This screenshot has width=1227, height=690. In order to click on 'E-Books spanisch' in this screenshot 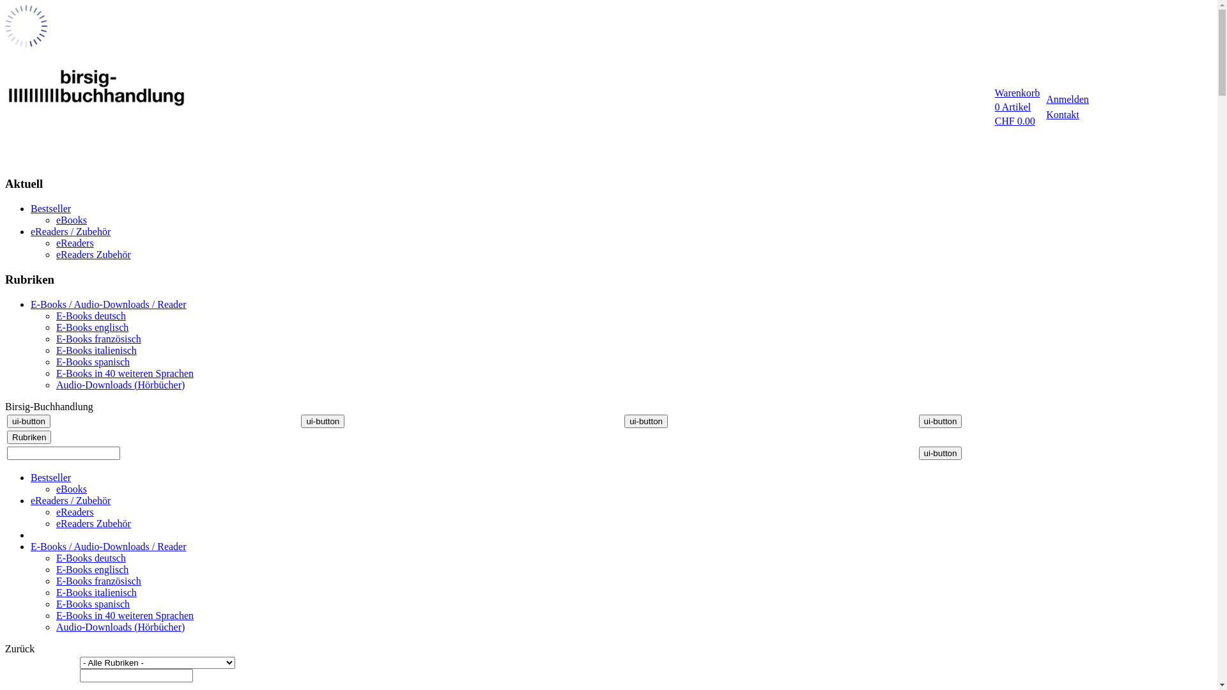, I will do `click(92, 362)`.